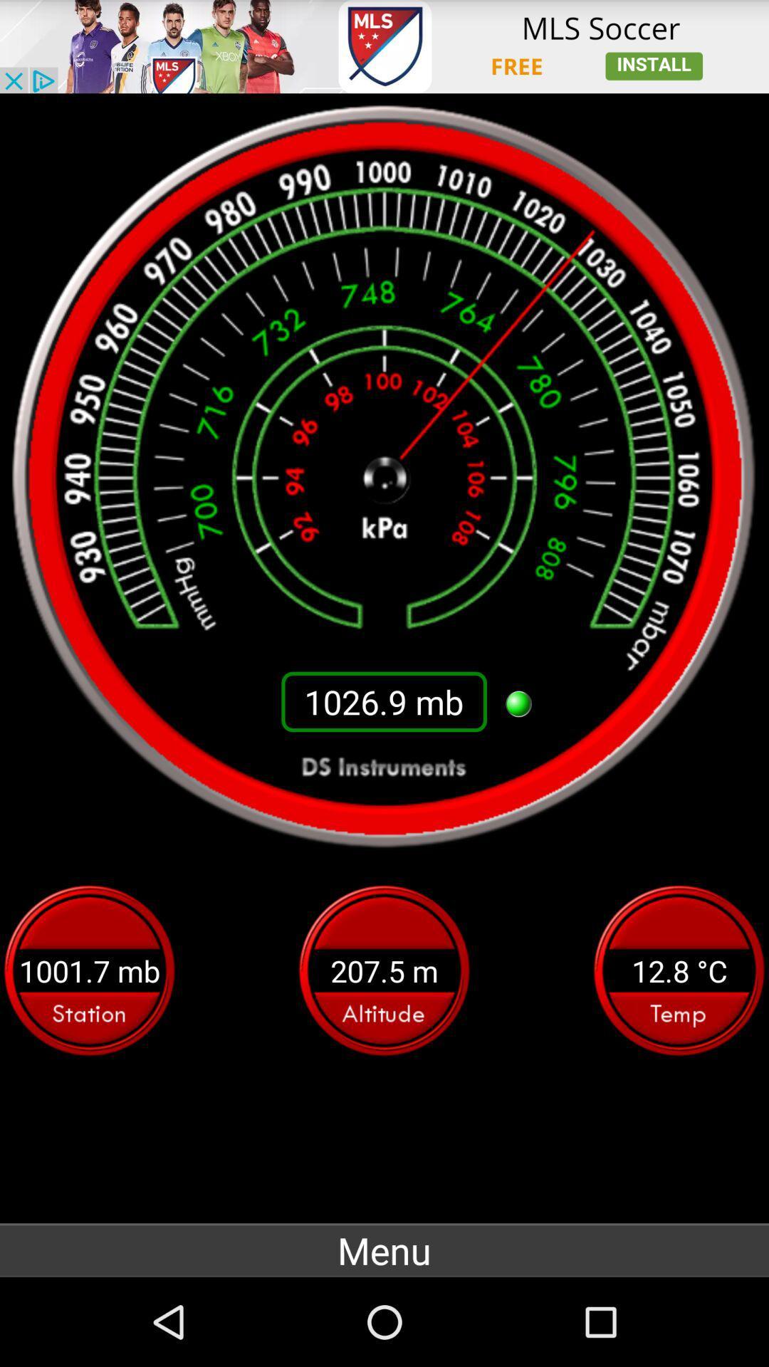 The image size is (769, 1367). Describe the element at coordinates (384, 46) in the screenshot. I see `tap to view advertisement` at that location.